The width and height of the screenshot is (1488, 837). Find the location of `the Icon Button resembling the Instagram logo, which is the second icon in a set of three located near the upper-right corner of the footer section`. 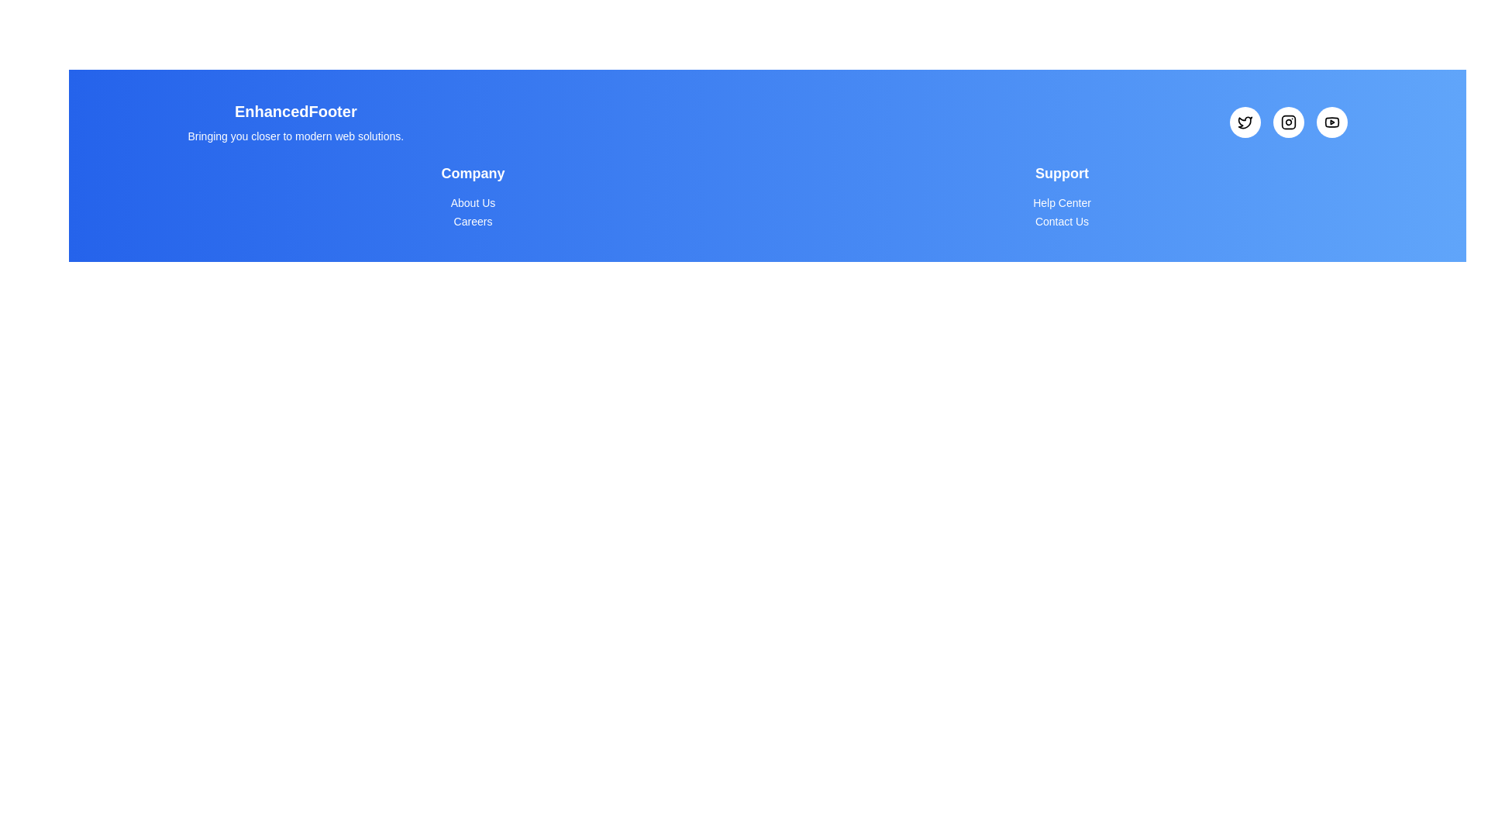

the Icon Button resembling the Instagram logo, which is the second icon in a set of three located near the upper-right corner of the footer section is located at coordinates (1288, 122).